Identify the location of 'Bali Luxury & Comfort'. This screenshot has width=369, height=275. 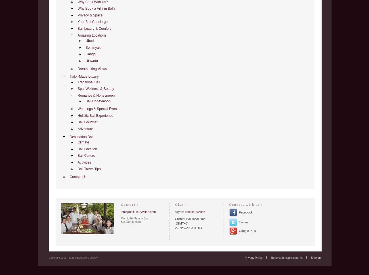
(77, 28).